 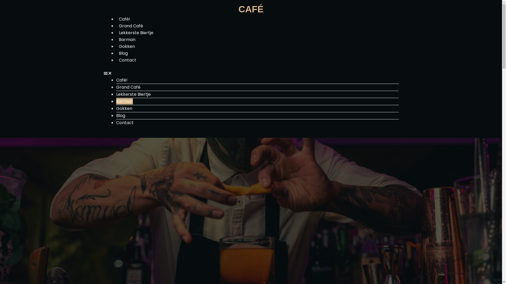 I want to click on 'Lekkerste Biertje', so click(x=133, y=94).